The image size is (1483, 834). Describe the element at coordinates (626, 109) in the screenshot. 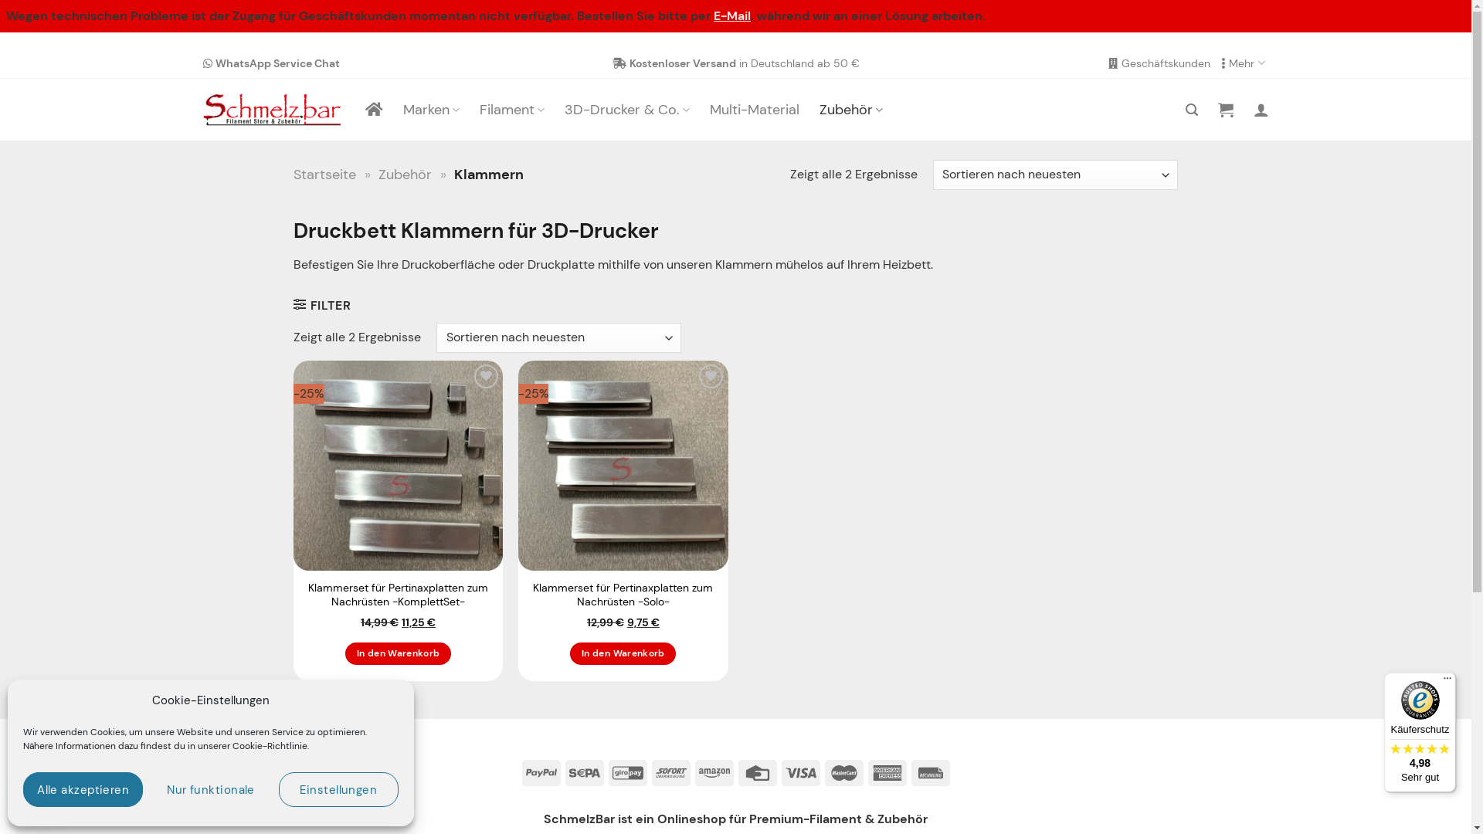

I see `'3D-Drucker & Co.'` at that location.